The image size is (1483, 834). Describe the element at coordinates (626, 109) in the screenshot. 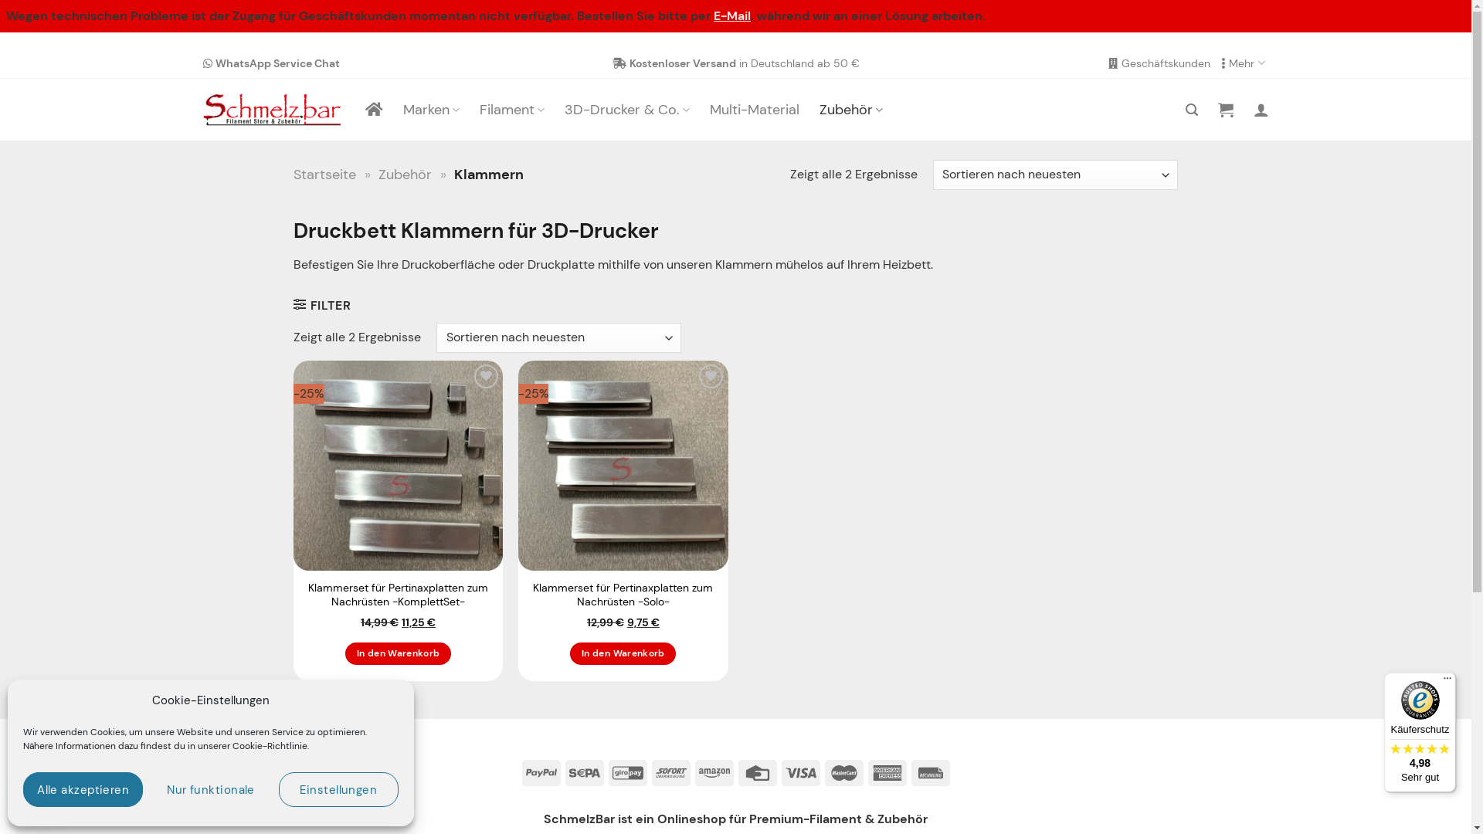

I see `'3D-Drucker & Co.'` at that location.